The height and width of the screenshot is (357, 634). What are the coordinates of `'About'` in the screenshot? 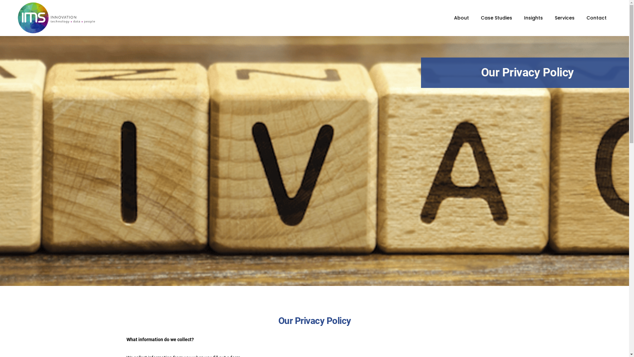 It's located at (461, 18).